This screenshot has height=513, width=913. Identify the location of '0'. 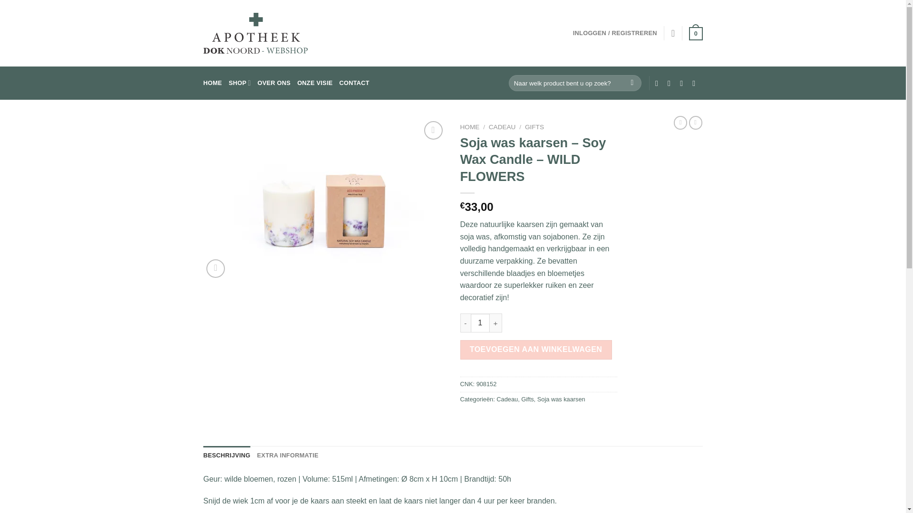
(696, 32).